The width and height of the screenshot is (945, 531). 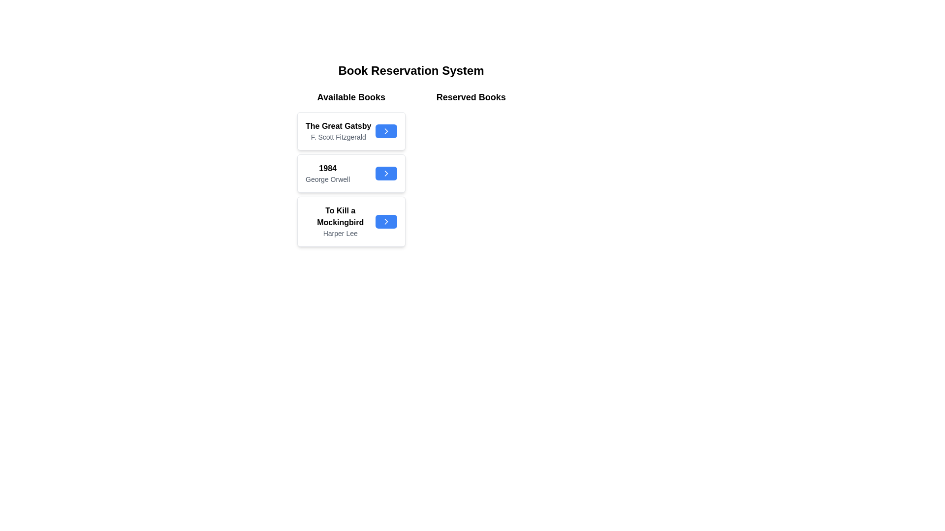 What do you see at coordinates (338, 137) in the screenshot?
I see `the text label displaying 'F. Scott Fitzgerald', which is styled in a smaller font and subtle gray color, located beneath the title 'The Great Gatsby' in the 'Available Books' section` at bounding box center [338, 137].